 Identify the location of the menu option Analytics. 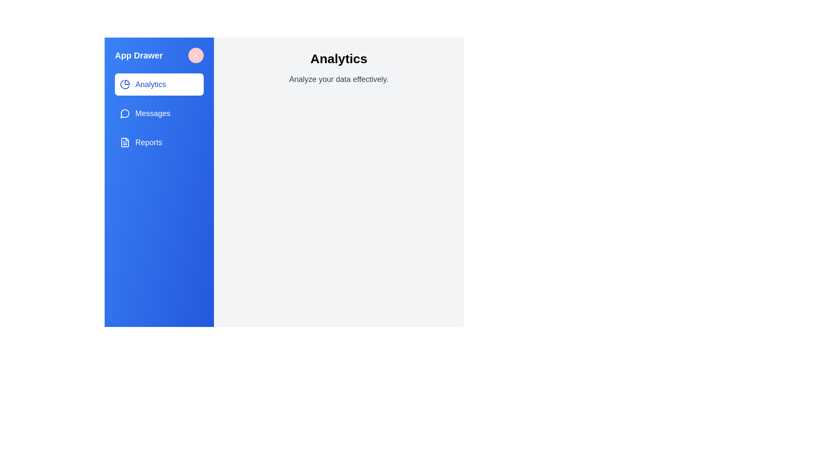
(159, 84).